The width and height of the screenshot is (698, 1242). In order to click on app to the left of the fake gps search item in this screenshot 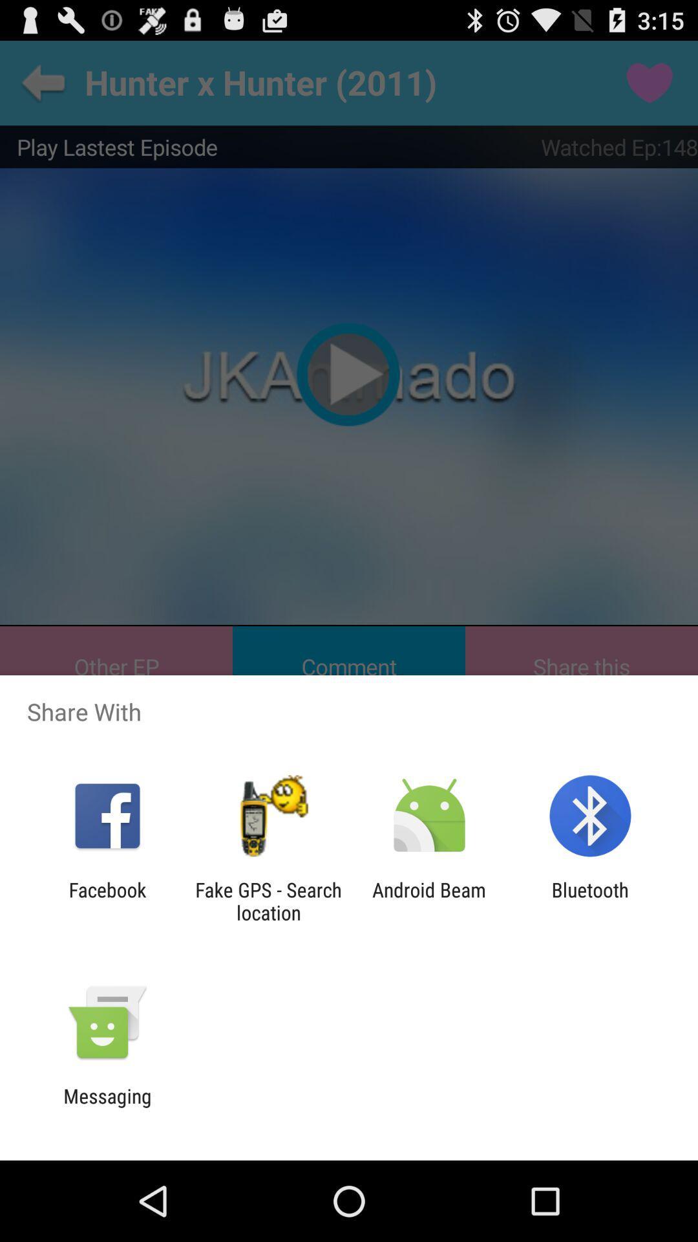, I will do `click(107, 900)`.